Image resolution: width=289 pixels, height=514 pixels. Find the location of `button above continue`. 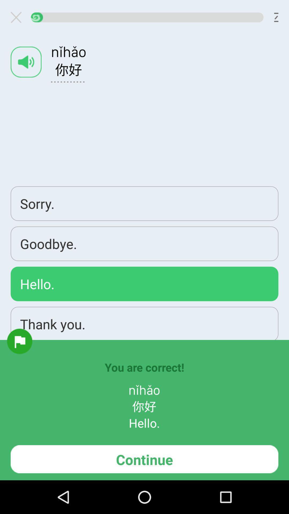

button above continue is located at coordinates (19, 341).